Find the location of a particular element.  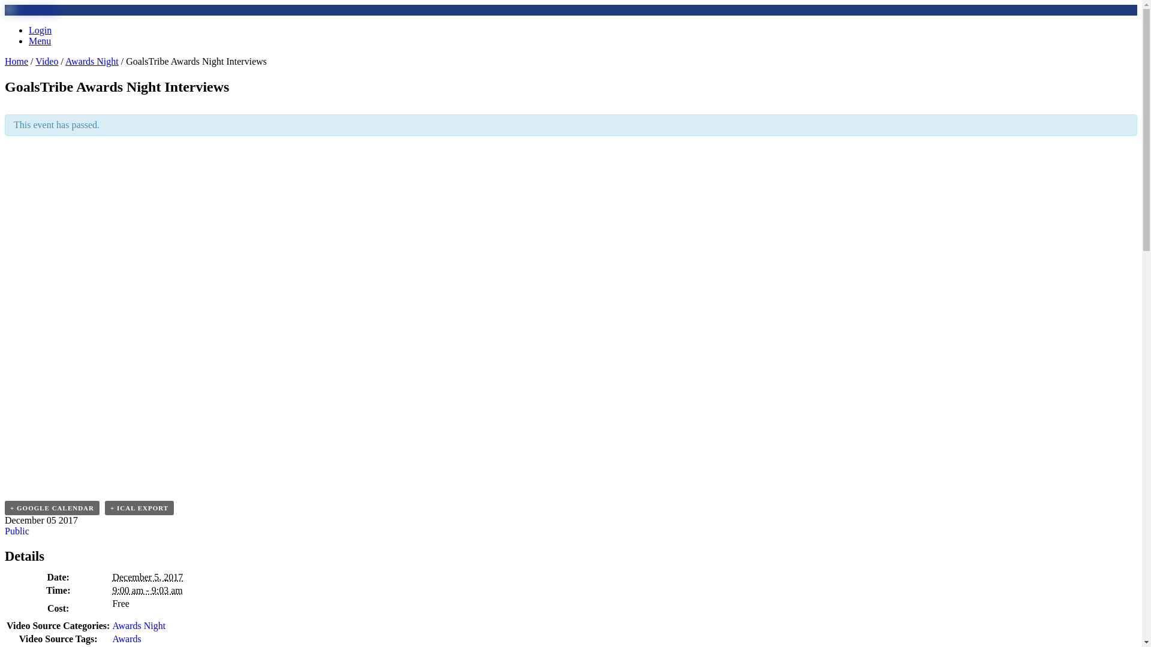

'Video' is located at coordinates (35, 61).